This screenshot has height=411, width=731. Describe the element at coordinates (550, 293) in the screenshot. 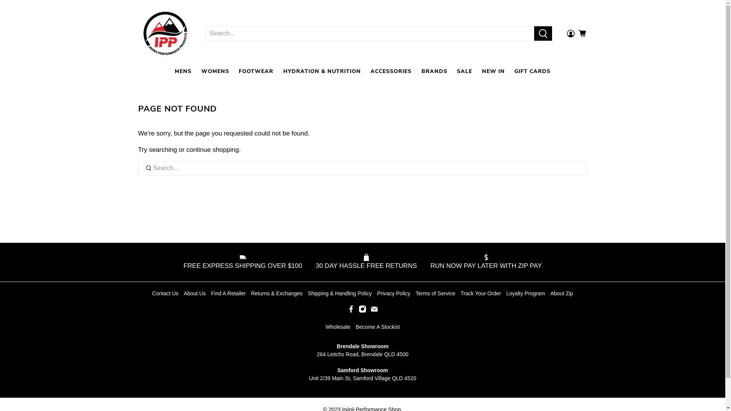

I see `'About Zip'` at that location.